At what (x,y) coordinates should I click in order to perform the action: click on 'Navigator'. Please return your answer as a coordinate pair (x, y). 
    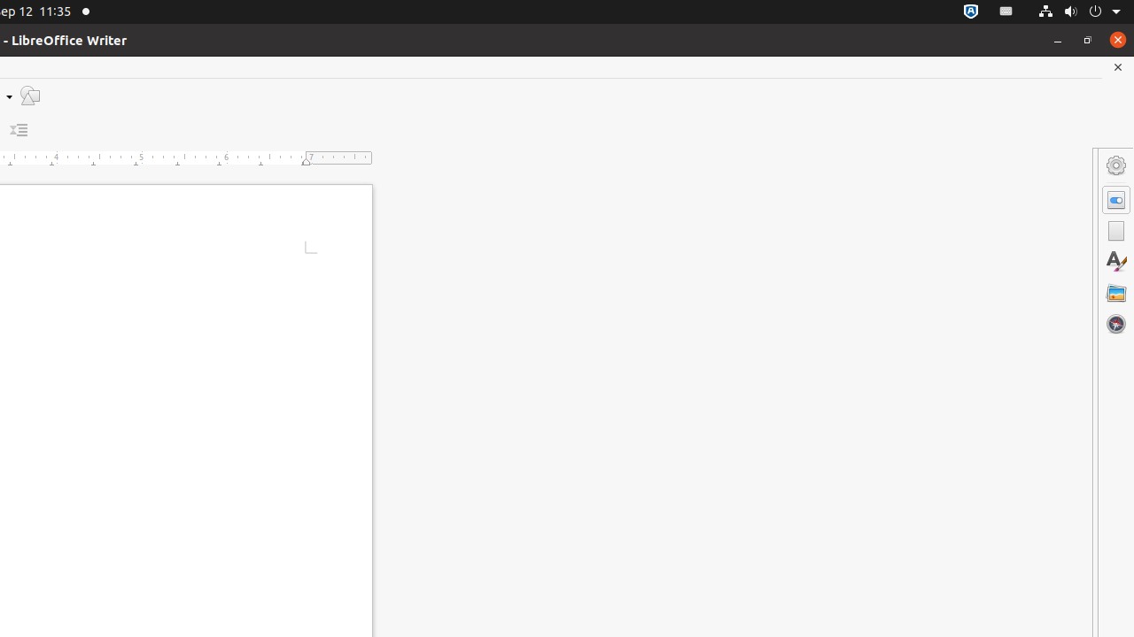
    Looking at the image, I should click on (1115, 323).